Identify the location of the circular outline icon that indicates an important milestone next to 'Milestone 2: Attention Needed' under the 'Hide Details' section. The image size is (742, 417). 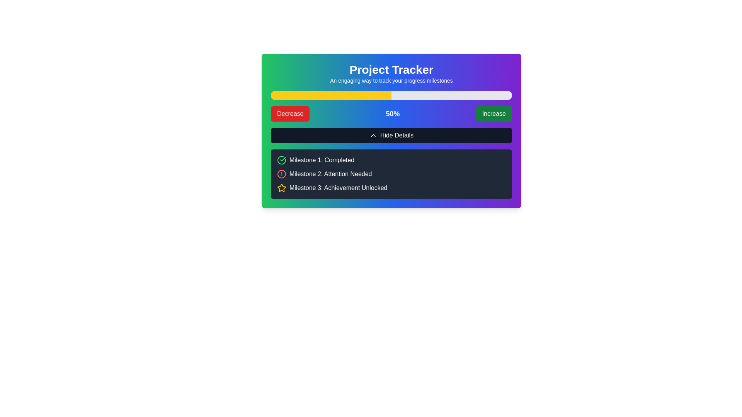
(281, 174).